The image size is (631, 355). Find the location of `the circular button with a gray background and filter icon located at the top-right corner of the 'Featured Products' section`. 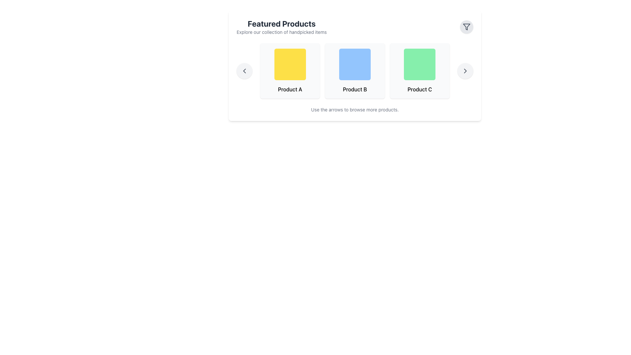

the circular button with a gray background and filter icon located at the top-right corner of the 'Featured Products' section is located at coordinates (466, 26).